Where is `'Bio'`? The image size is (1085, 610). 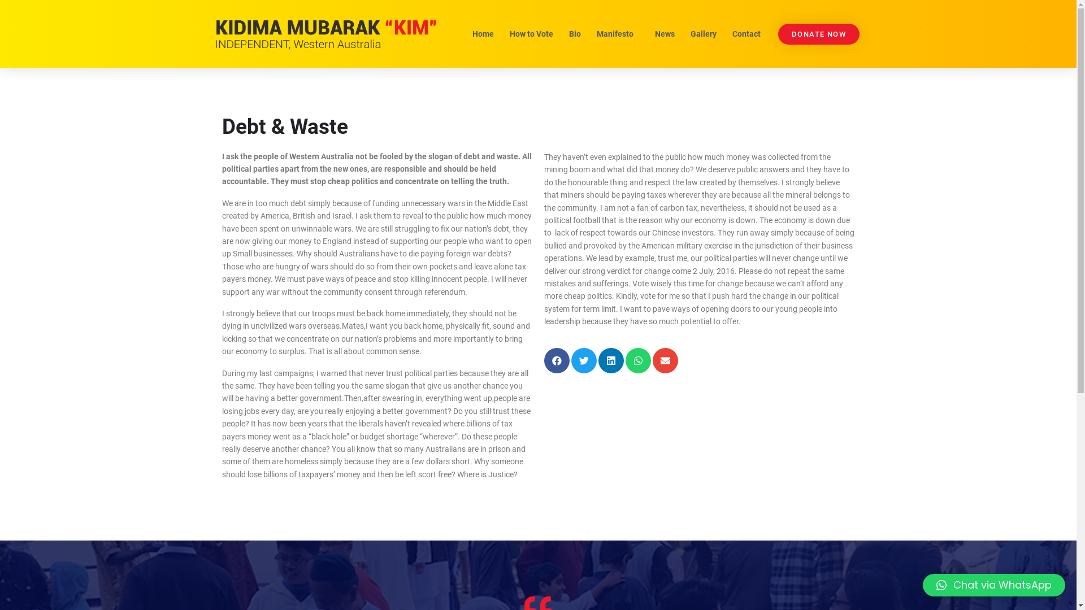 'Bio' is located at coordinates (575, 33).